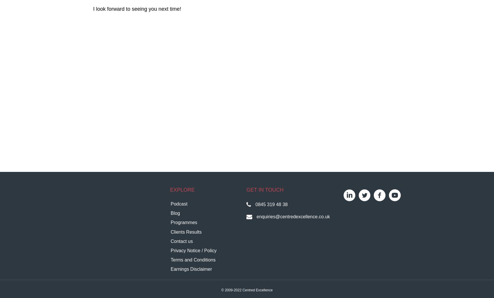 This screenshot has height=298, width=494. I want to click on 'Podcast', so click(179, 204).